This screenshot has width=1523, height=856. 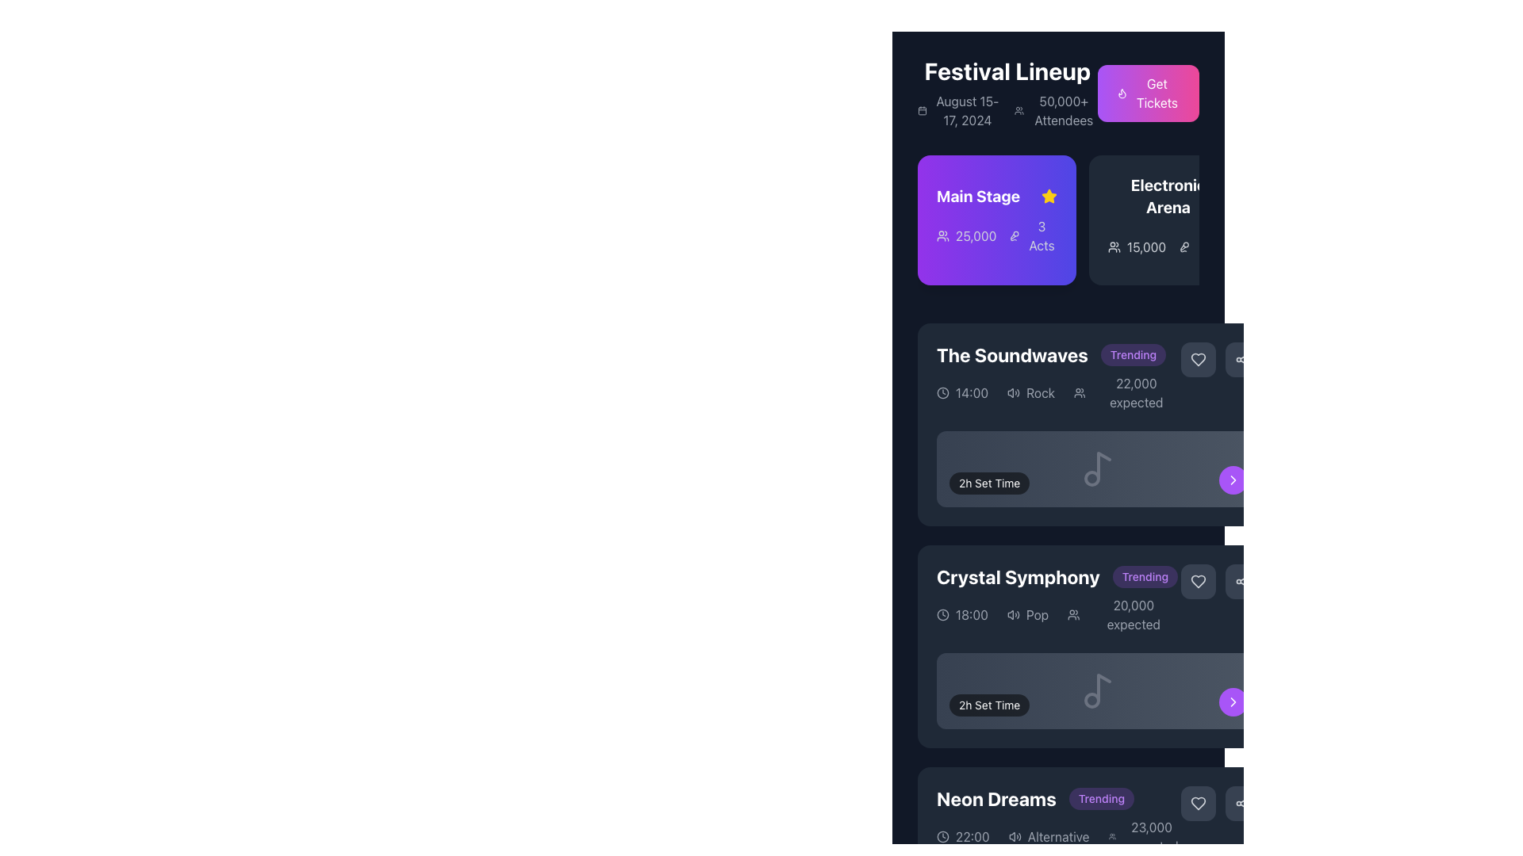 What do you see at coordinates (1058, 392) in the screenshot?
I see `the Informational display row that contains event details such as time, genre, and expected attendees, located in 'The Soundwaves' section` at bounding box center [1058, 392].